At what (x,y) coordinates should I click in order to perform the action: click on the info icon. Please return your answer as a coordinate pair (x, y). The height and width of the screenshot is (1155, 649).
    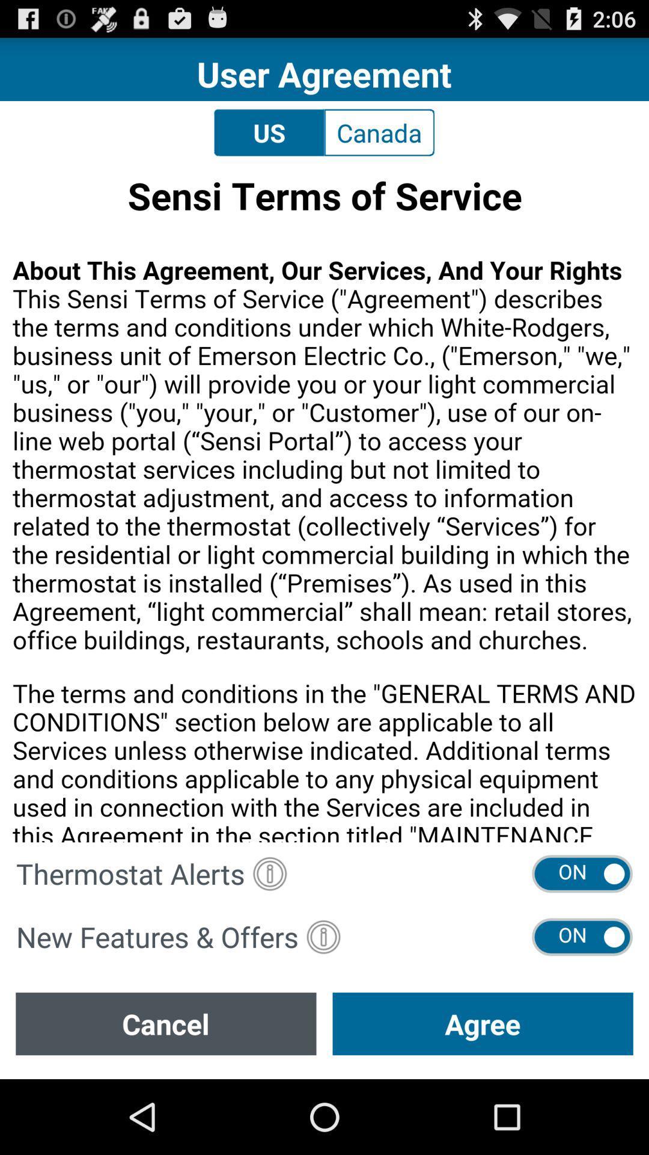
    Looking at the image, I should click on (269, 934).